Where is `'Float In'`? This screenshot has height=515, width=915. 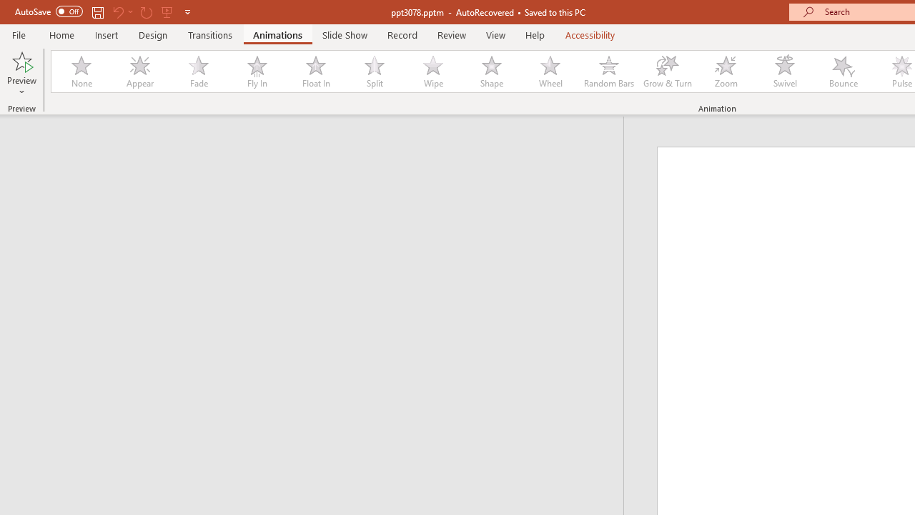 'Float In' is located at coordinates (315, 72).